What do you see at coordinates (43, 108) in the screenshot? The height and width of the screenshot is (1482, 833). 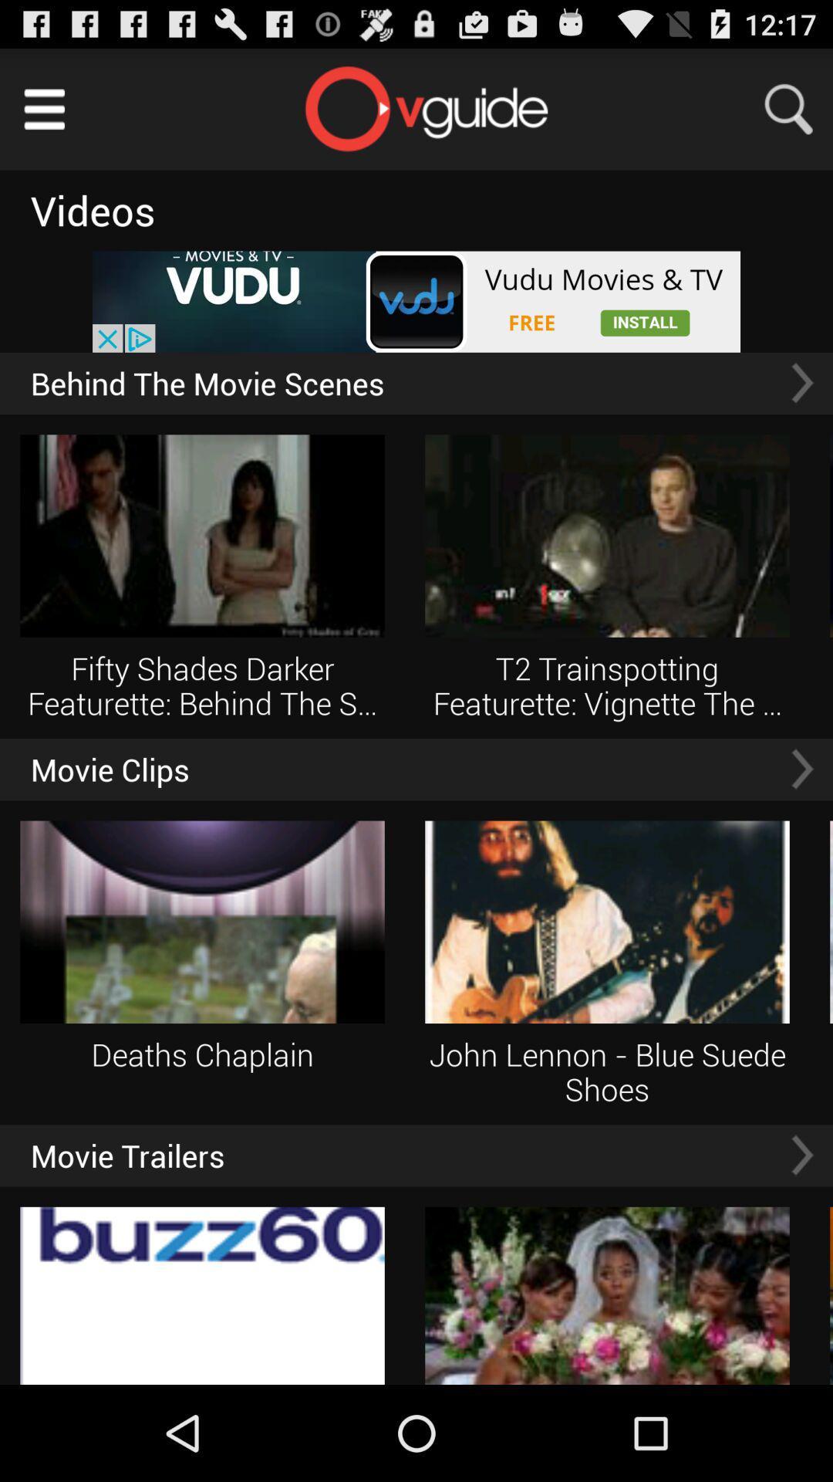 I see `main menu` at bounding box center [43, 108].